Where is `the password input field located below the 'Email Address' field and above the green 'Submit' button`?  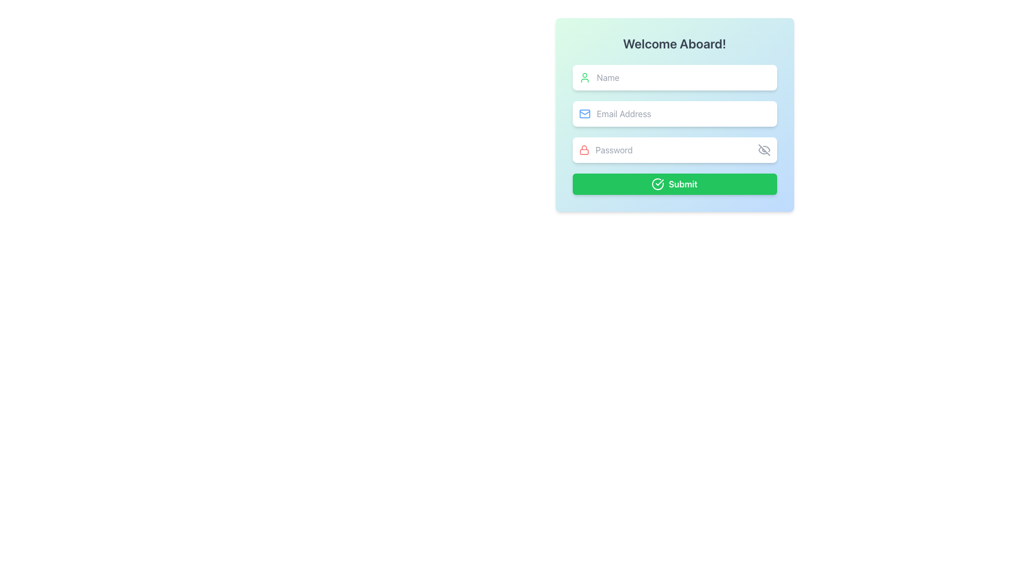
the password input field located below the 'Email Address' field and above the green 'Submit' button is located at coordinates (674, 150).